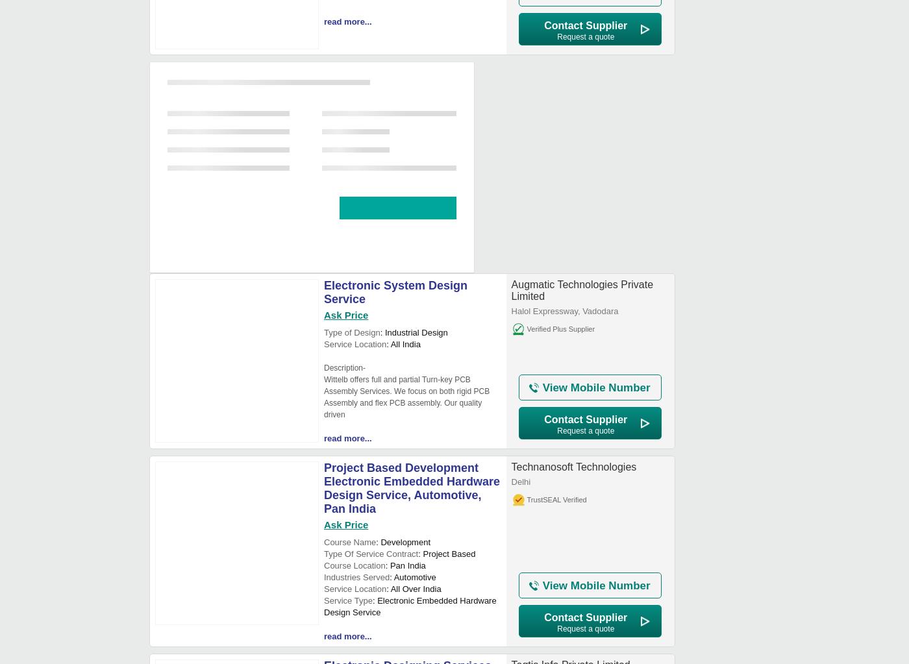 The width and height of the screenshot is (909, 664). I want to click on ':  Industrial Design', so click(414, 332).